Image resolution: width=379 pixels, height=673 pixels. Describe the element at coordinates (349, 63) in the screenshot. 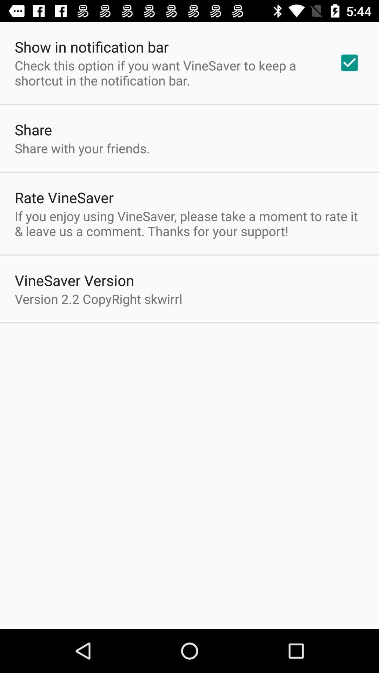

I see `icon next to the check this option item` at that location.